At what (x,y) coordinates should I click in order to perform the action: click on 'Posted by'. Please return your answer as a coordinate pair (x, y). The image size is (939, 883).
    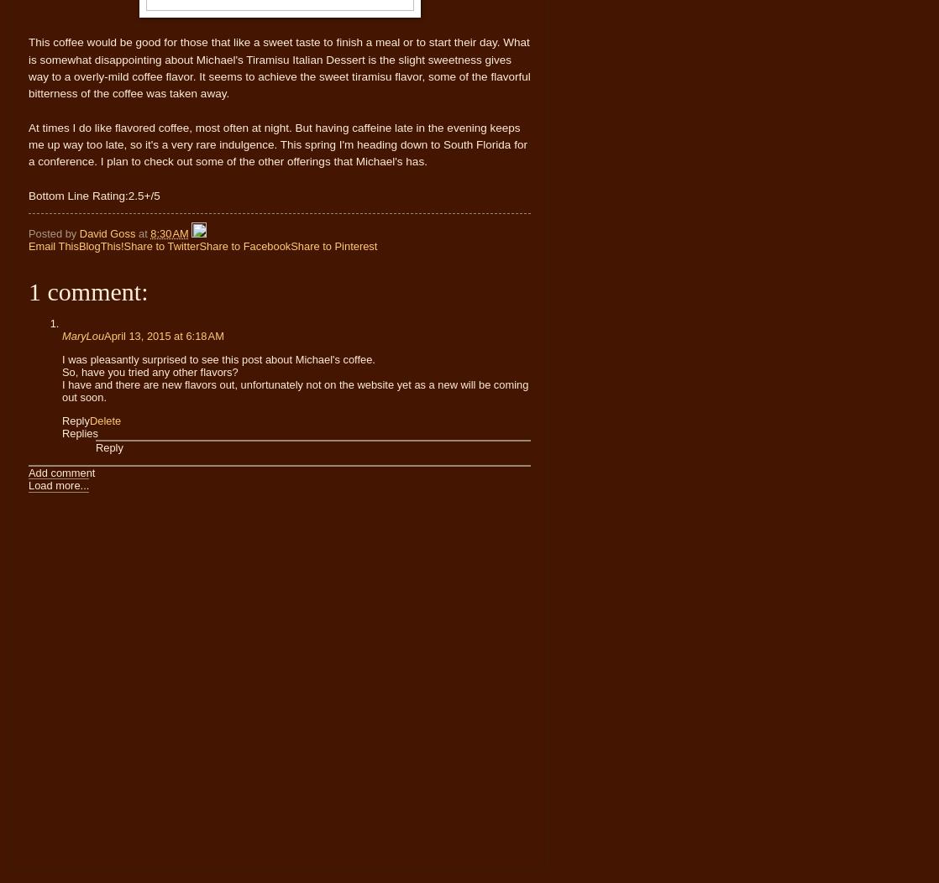
    Looking at the image, I should click on (28, 233).